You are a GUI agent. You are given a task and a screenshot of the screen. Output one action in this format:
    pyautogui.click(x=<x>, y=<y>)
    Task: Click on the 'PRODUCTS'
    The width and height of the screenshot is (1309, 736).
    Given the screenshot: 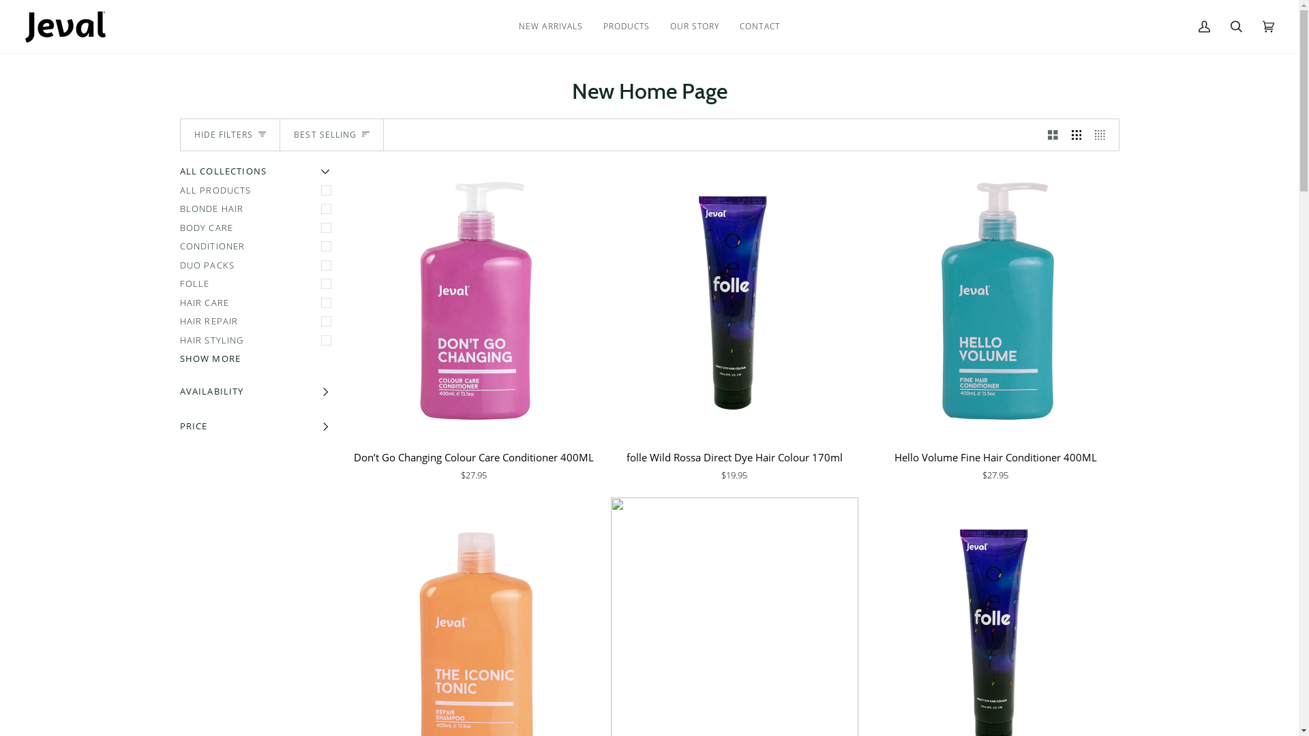 What is the action you would take?
    pyautogui.click(x=592, y=26)
    